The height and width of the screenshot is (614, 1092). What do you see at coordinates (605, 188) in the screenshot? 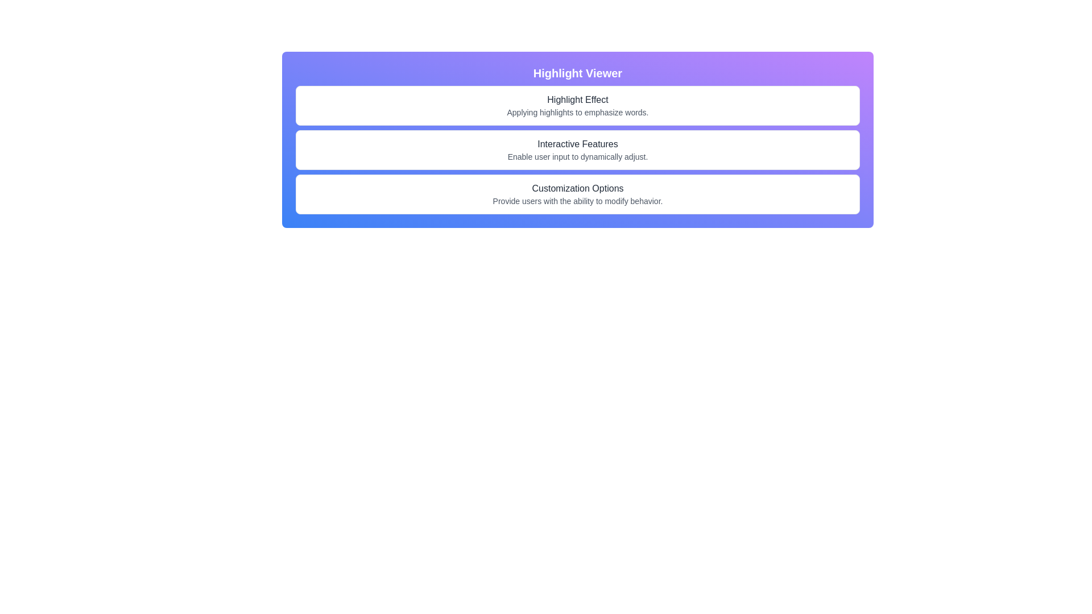
I see `the decorative text in the phrase 'Customization Options', specifically targeting the sixteenth character in the sequence` at bounding box center [605, 188].